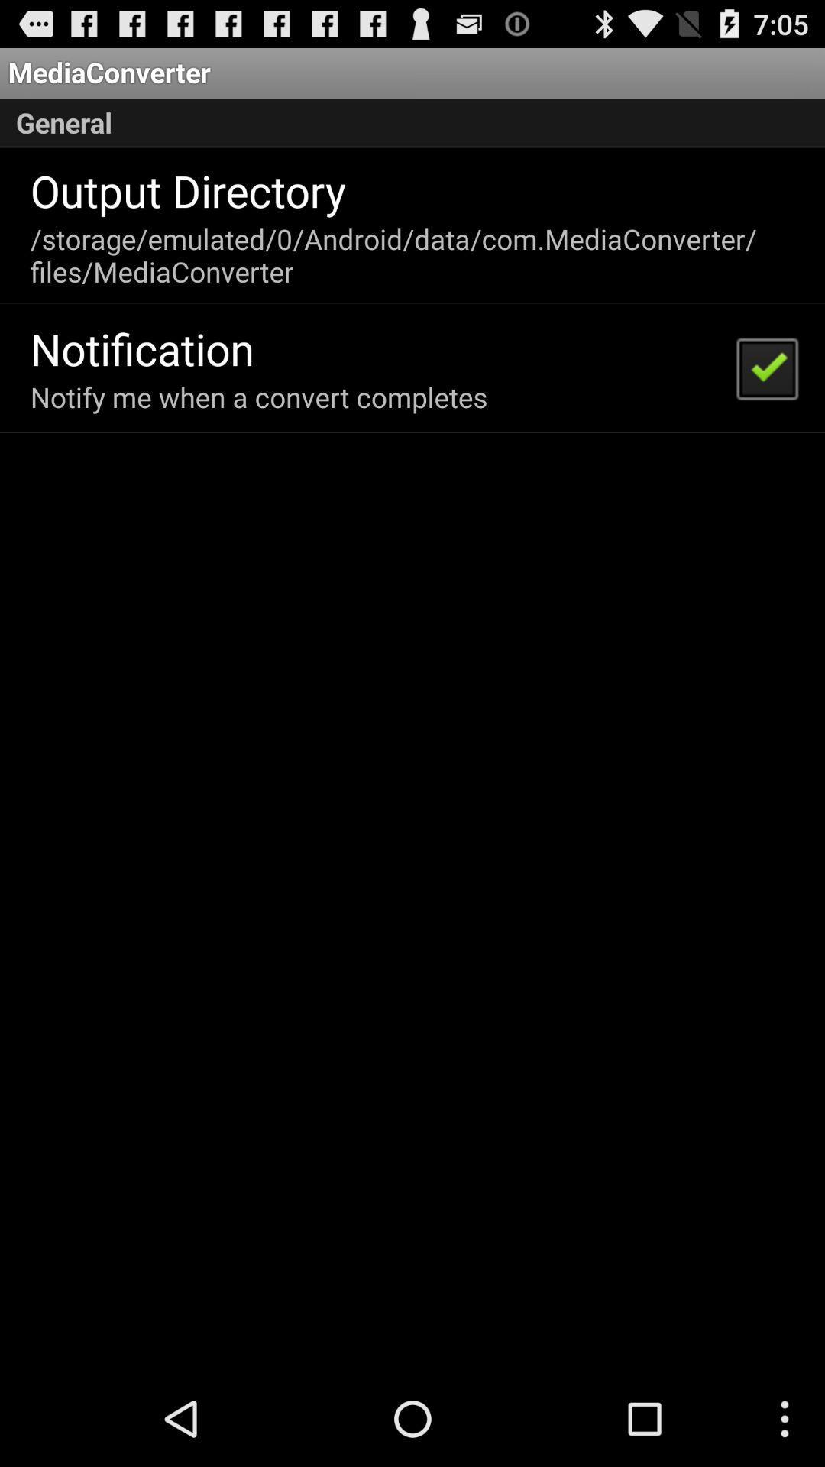 Image resolution: width=825 pixels, height=1467 pixels. I want to click on app below storage emulated 0 app, so click(766, 368).